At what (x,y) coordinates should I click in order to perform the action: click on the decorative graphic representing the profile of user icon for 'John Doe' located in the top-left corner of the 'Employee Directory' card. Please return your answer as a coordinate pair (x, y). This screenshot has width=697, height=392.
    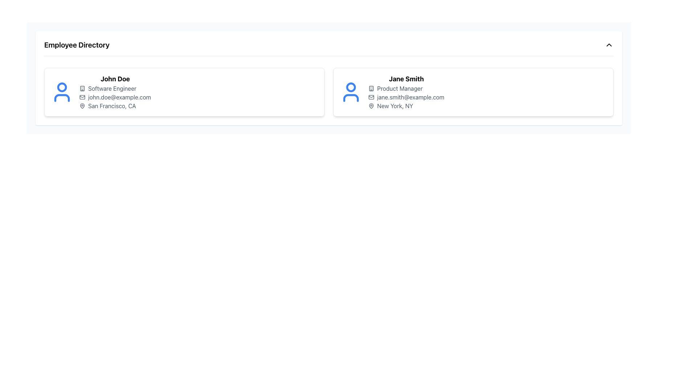
    Looking at the image, I should click on (62, 86).